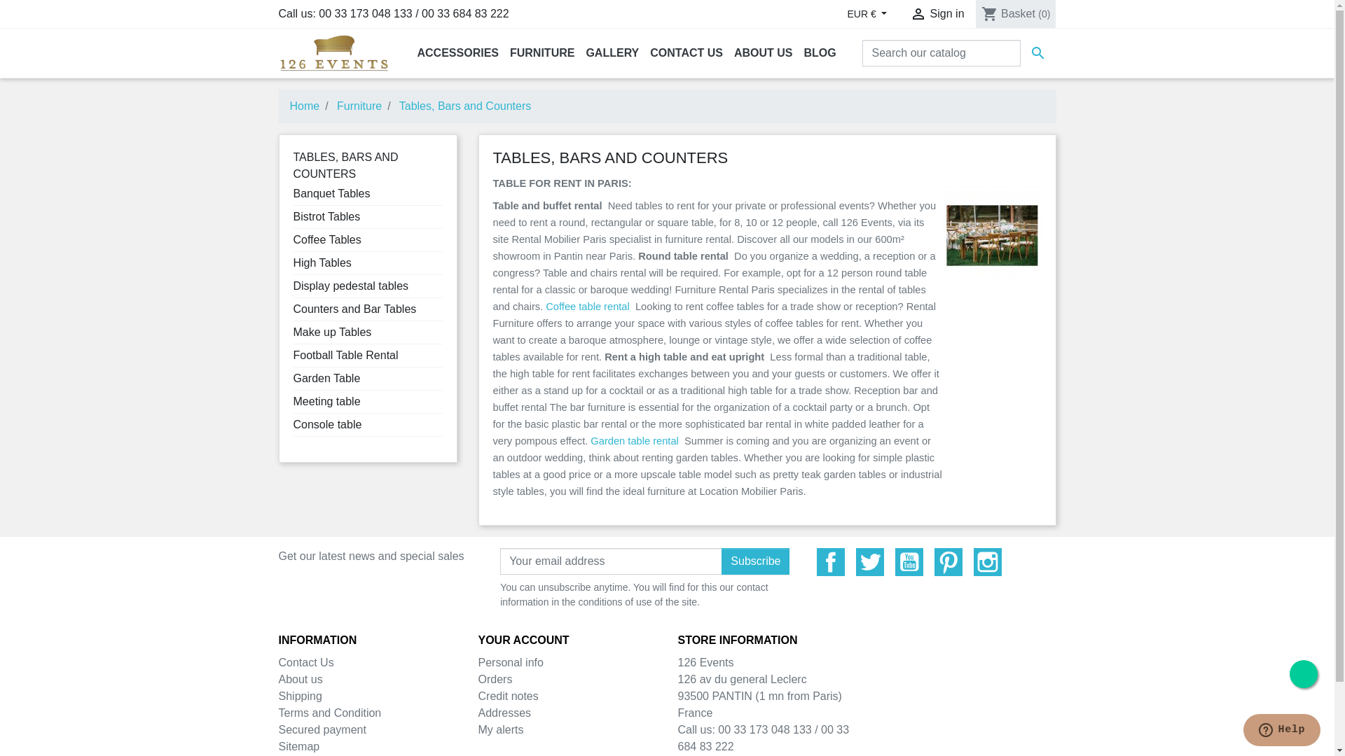  Describe the element at coordinates (322, 729) in the screenshot. I see `'Secured payment'` at that location.